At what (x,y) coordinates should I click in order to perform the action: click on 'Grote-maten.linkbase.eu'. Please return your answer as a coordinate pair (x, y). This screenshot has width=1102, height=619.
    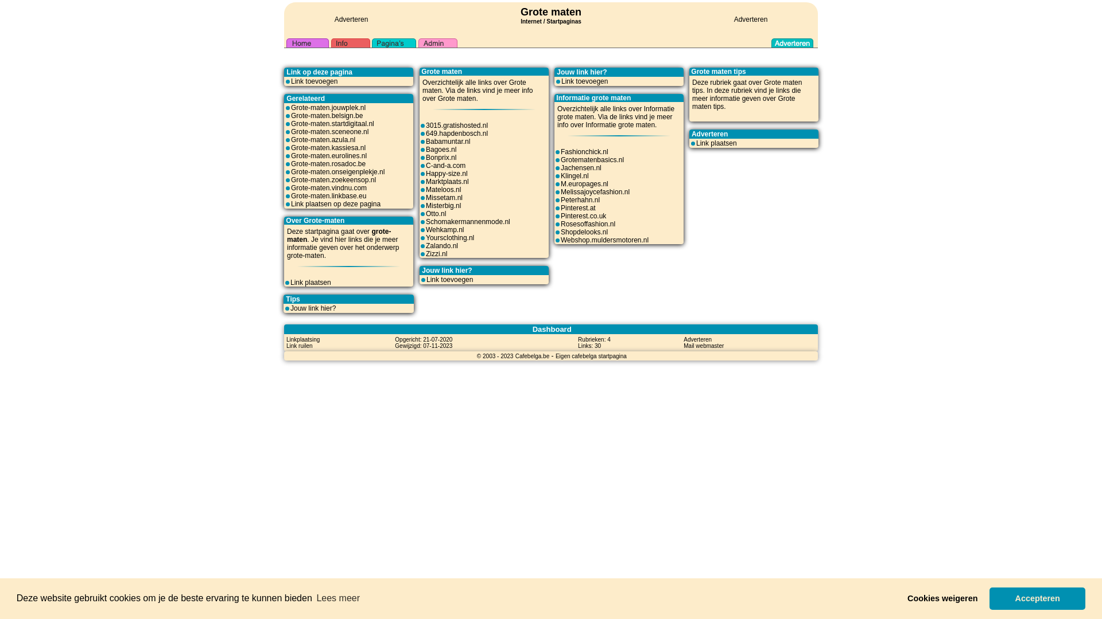
    Looking at the image, I should click on (328, 195).